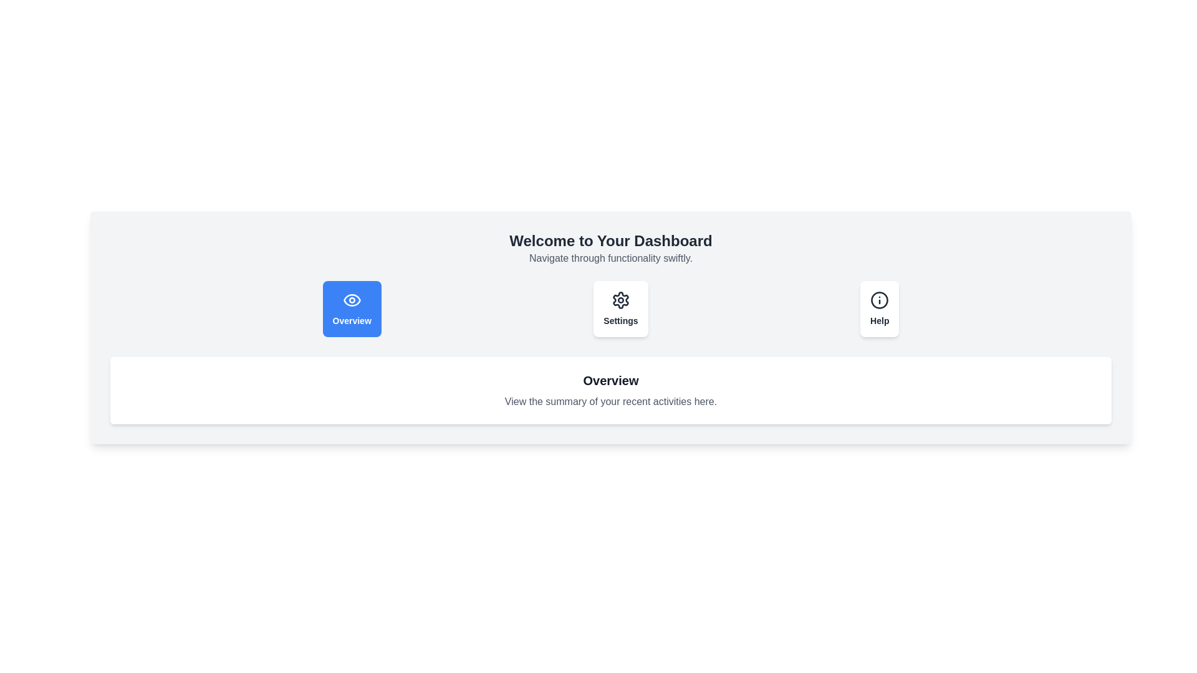 This screenshot has height=673, width=1197. What do you see at coordinates (879, 300) in the screenshot?
I see `the circular informational icon with a thin dark outline located in the 'Help' widget on the right side of the feature row` at bounding box center [879, 300].